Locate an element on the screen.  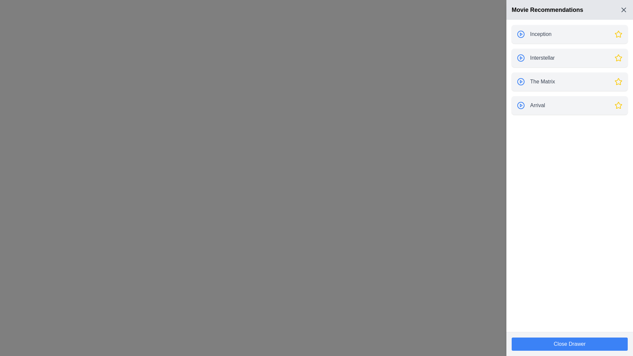
the button located at the far-right end of the 'Interstellar' row in the 'Movie Recommendations' panel is located at coordinates (618, 57).